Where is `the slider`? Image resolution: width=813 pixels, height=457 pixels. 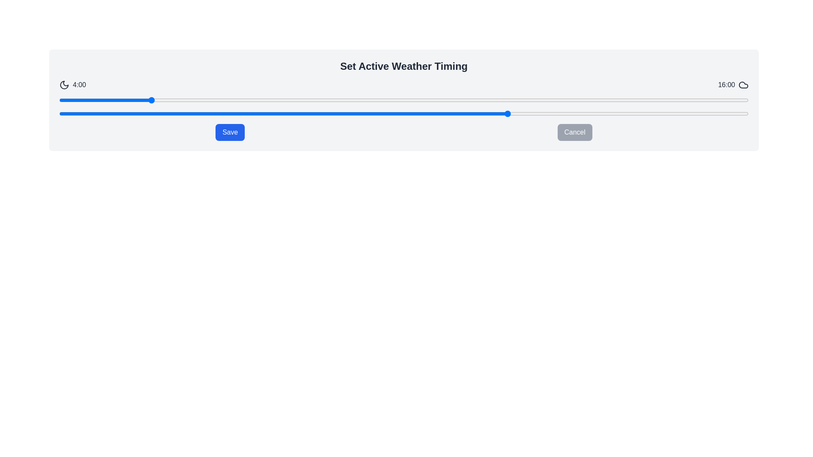 the slider is located at coordinates (448, 113).